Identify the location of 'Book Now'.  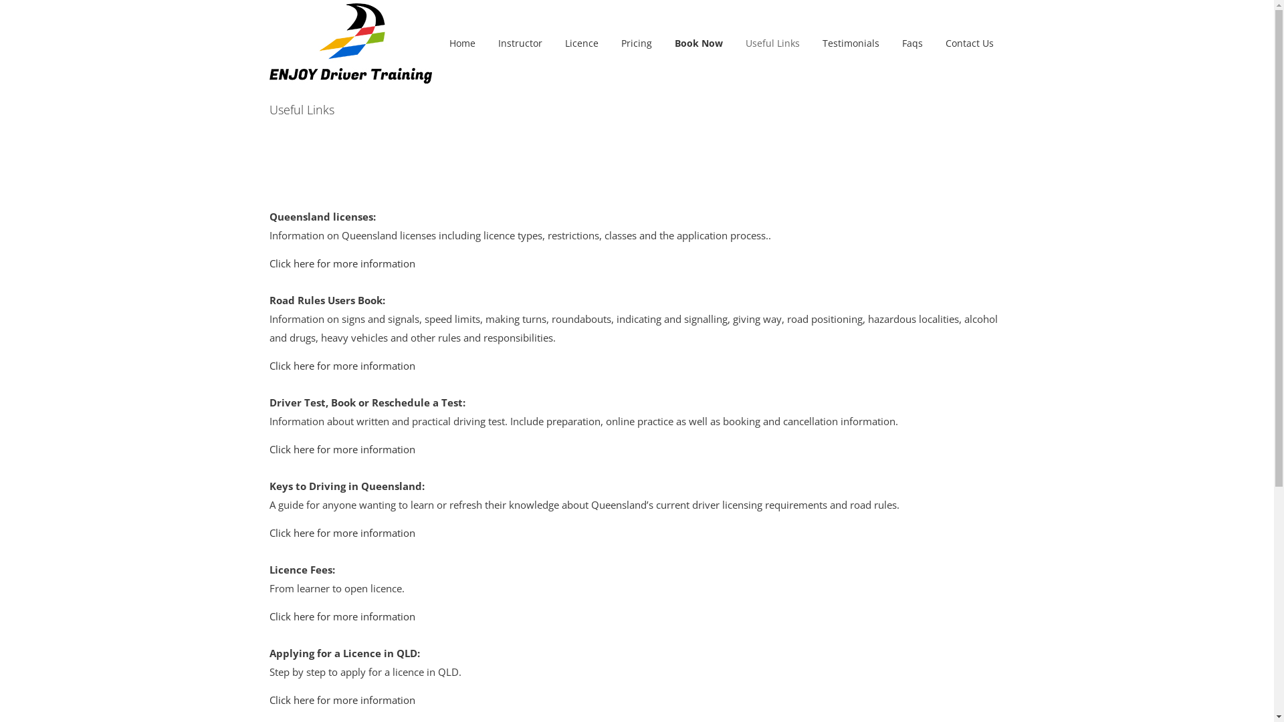
(698, 43).